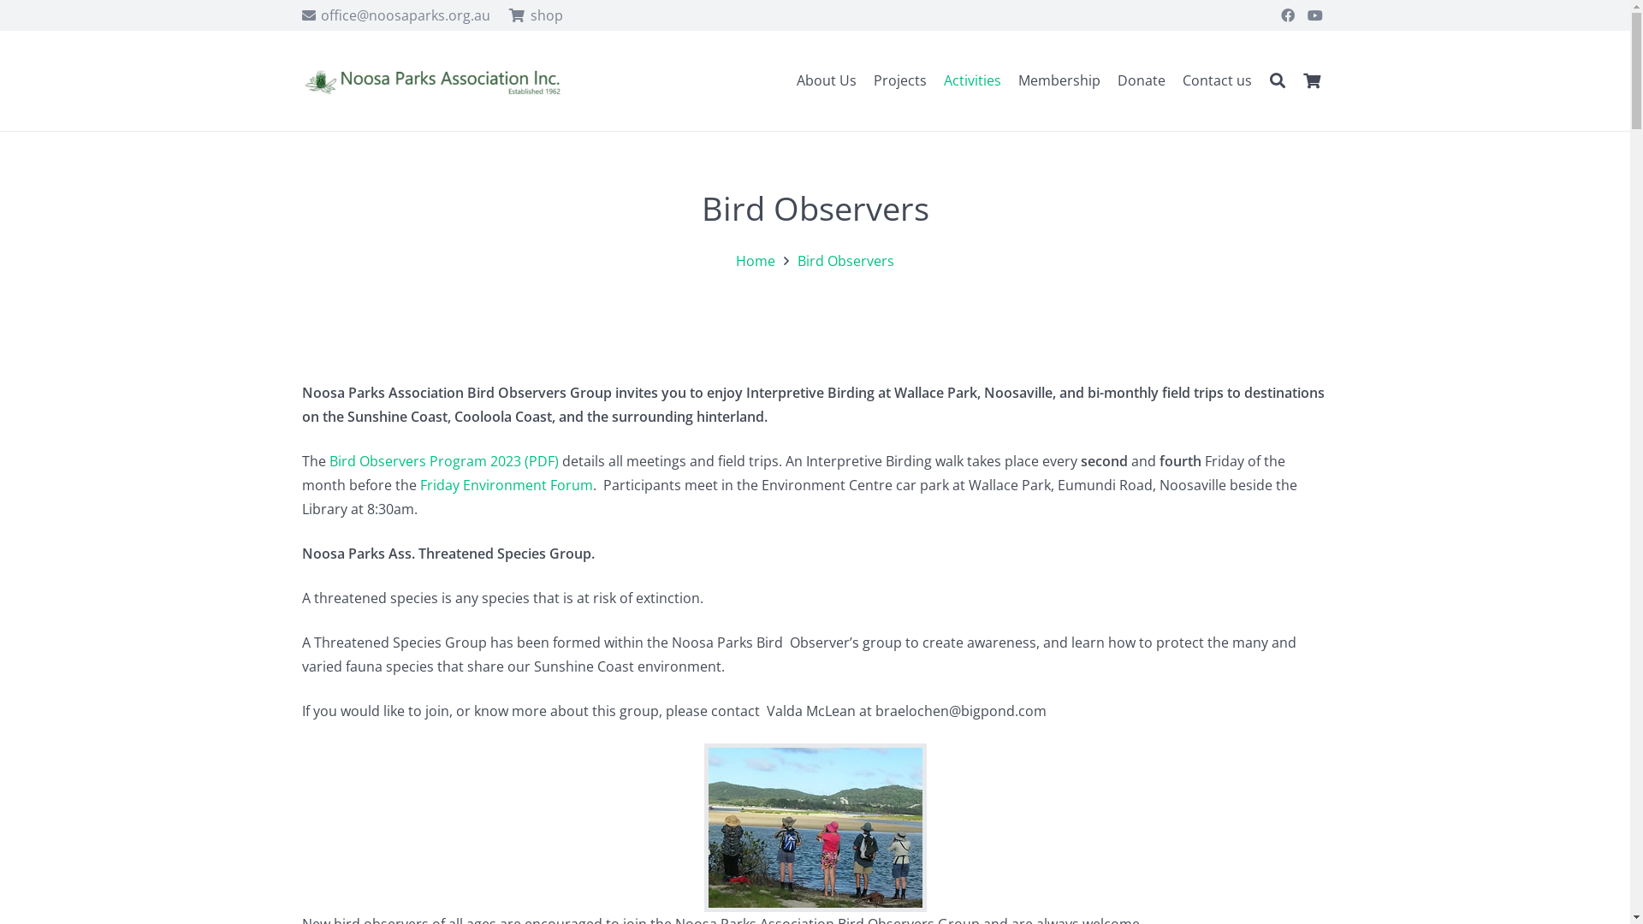 Image resolution: width=1643 pixels, height=924 pixels. What do you see at coordinates (796, 260) in the screenshot?
I see `'Bird Observers'` at bounding box center [796, 260].